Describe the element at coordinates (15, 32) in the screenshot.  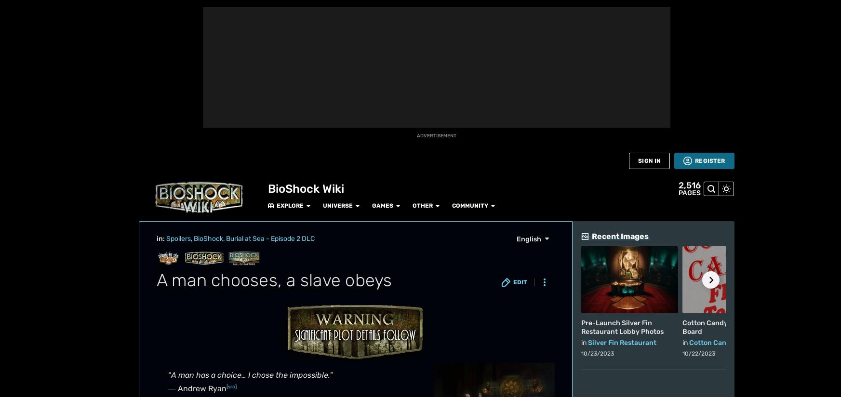
I see `'FANDOM'` at that location.